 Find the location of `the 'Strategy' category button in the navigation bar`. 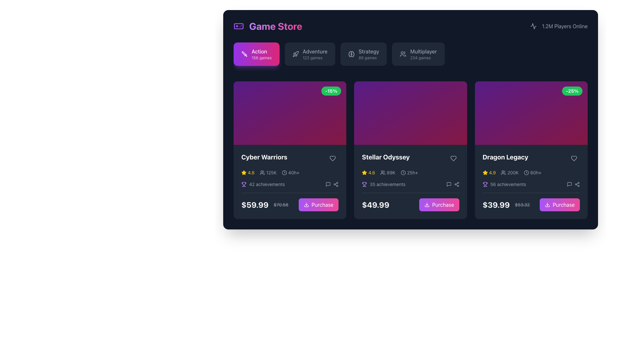

the 'Strategy' category button in the navigation bar is located at coordinates (351, 53).